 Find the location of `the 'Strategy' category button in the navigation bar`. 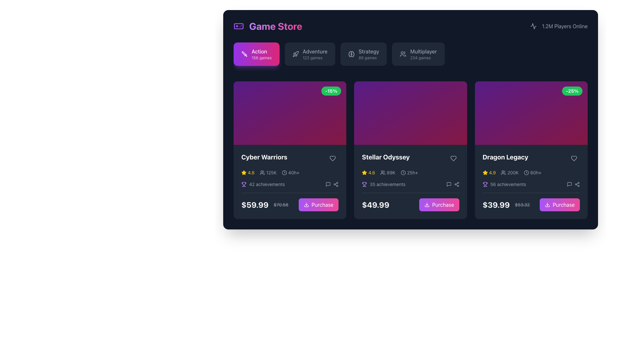

the 'Strategy' category button in the navigation bar is located at coordinates (351, 53).